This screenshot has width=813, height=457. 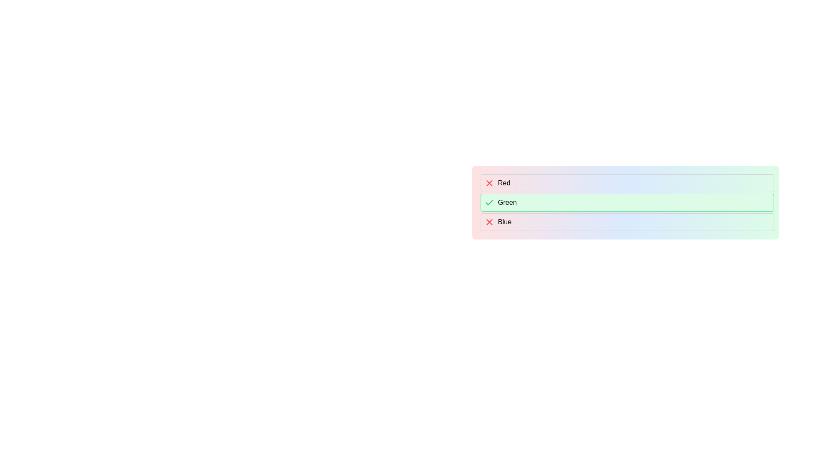 I want to click on the close icon located to the left of the text label 'Red', so click(x=489, y=182).